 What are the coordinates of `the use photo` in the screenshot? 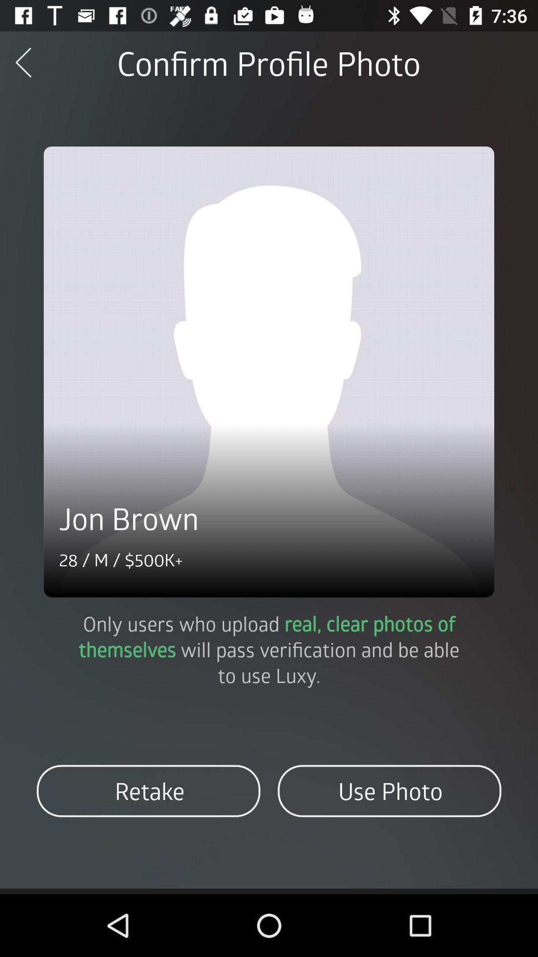 It's located at (389, 791).